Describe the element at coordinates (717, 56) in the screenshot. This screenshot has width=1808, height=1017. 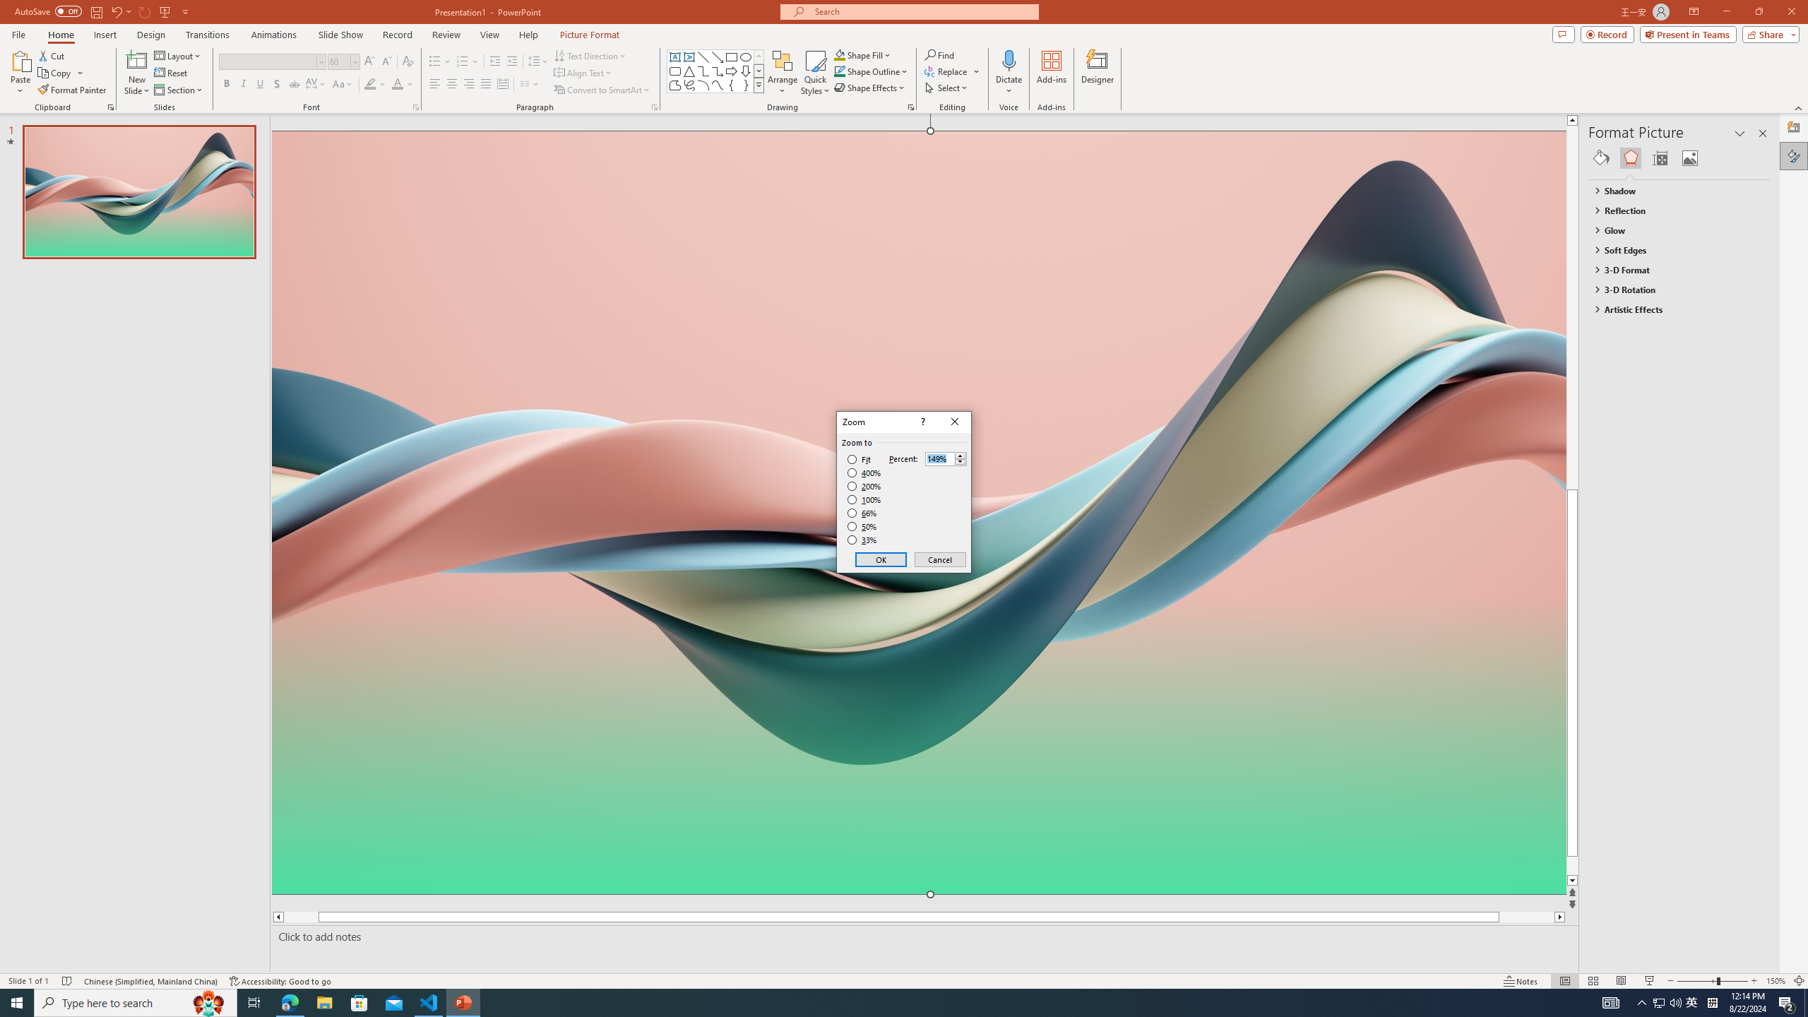
I see `'Line Arrow'` at that location.